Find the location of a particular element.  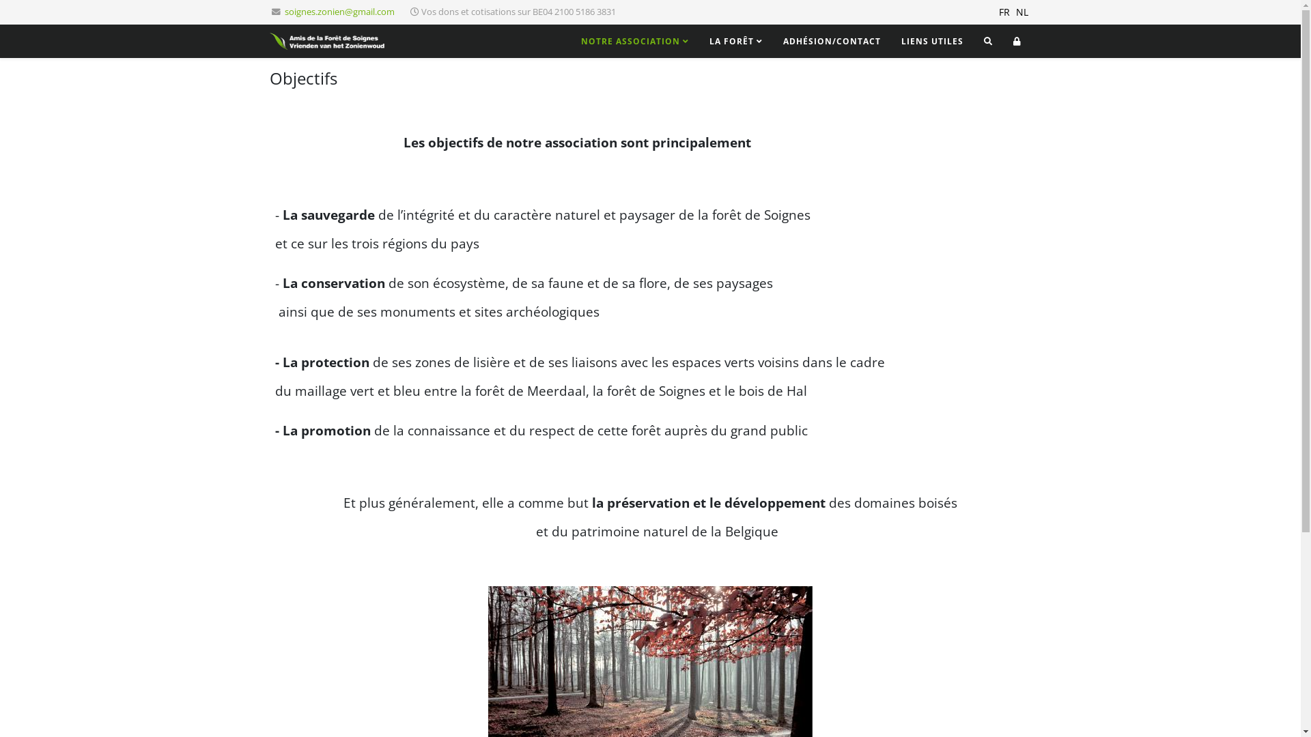

'LIENS UTILES' is located at coordinates (890, 40).